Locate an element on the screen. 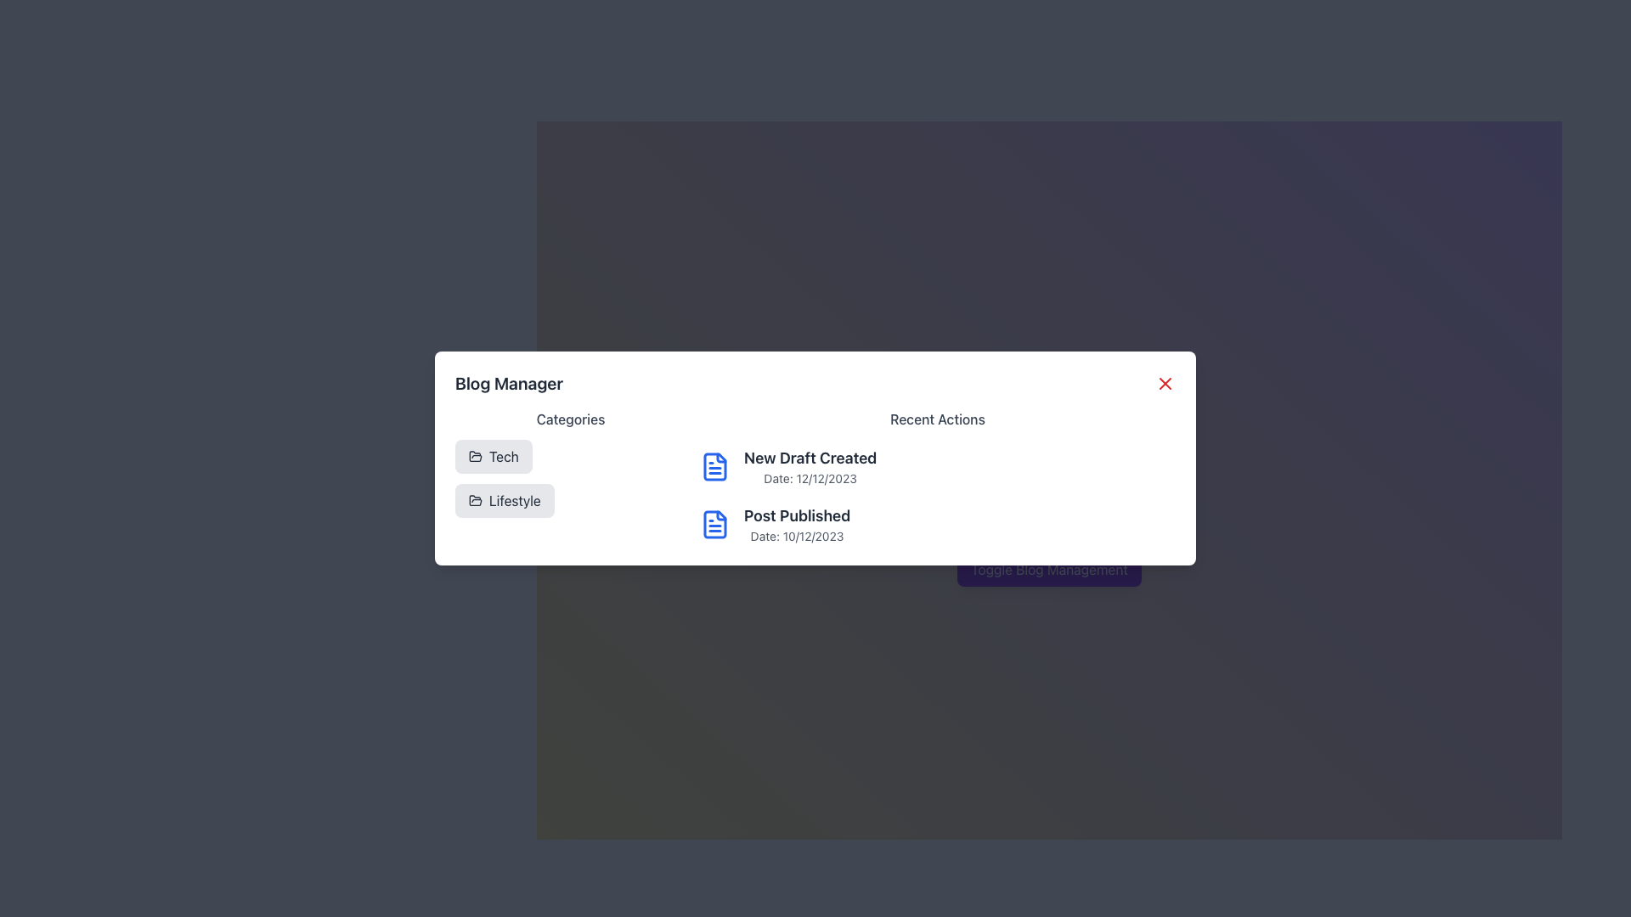  the bottom-left diagonal stroke of the 'X' icon in the top-right corner of the modal interface is located at coordinates (1165, 383).